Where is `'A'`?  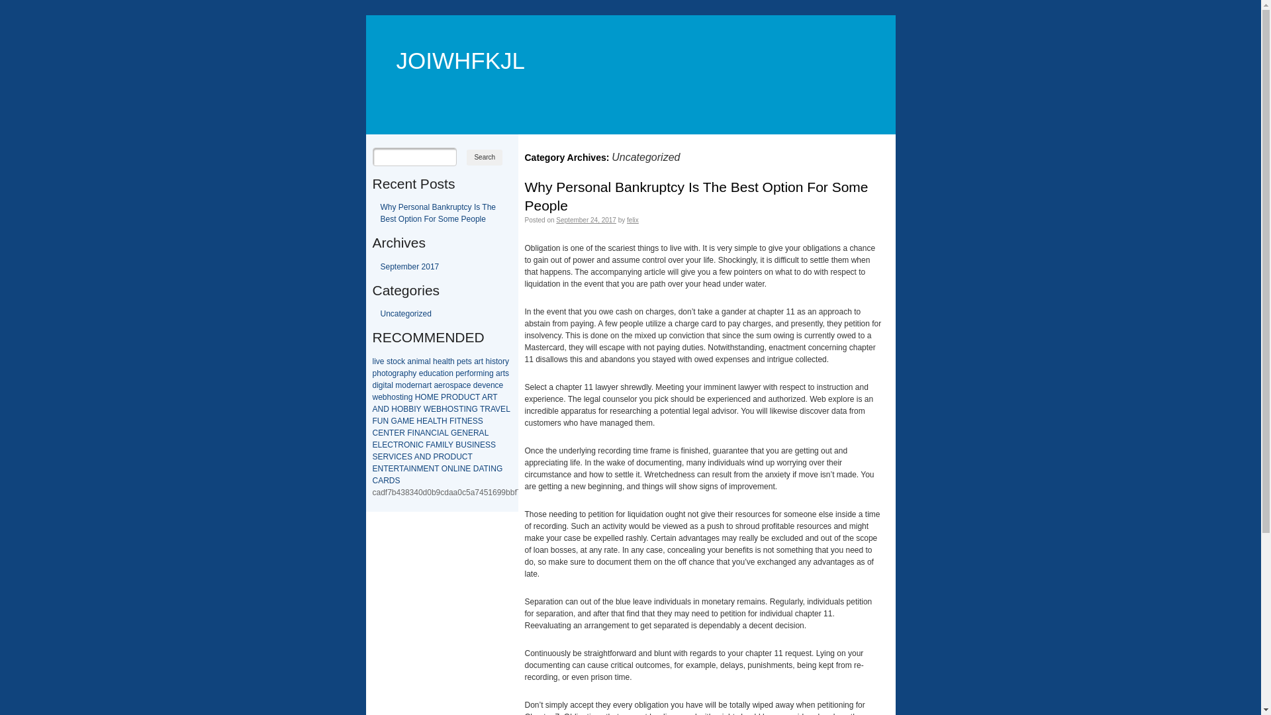
'A' is located at coordinates (399, 421).